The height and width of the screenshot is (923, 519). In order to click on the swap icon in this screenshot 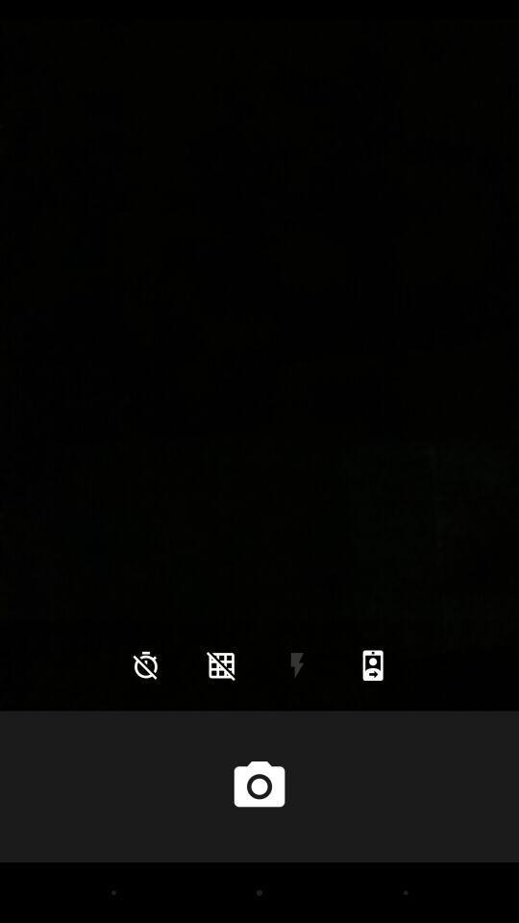, I will do `click(373, 665)`.